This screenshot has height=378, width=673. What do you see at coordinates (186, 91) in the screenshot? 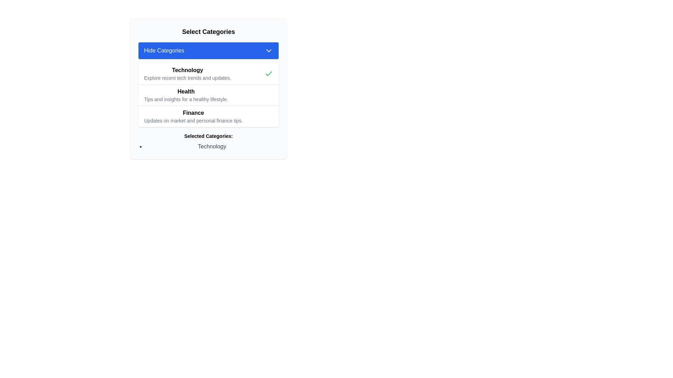
I see `prominently displayed 'Health' text element, which is bolded and larger than surrounding text, located in the 'Select Categories' section between 'Technology' and 'Finance'` at bounding box center [186, 91].